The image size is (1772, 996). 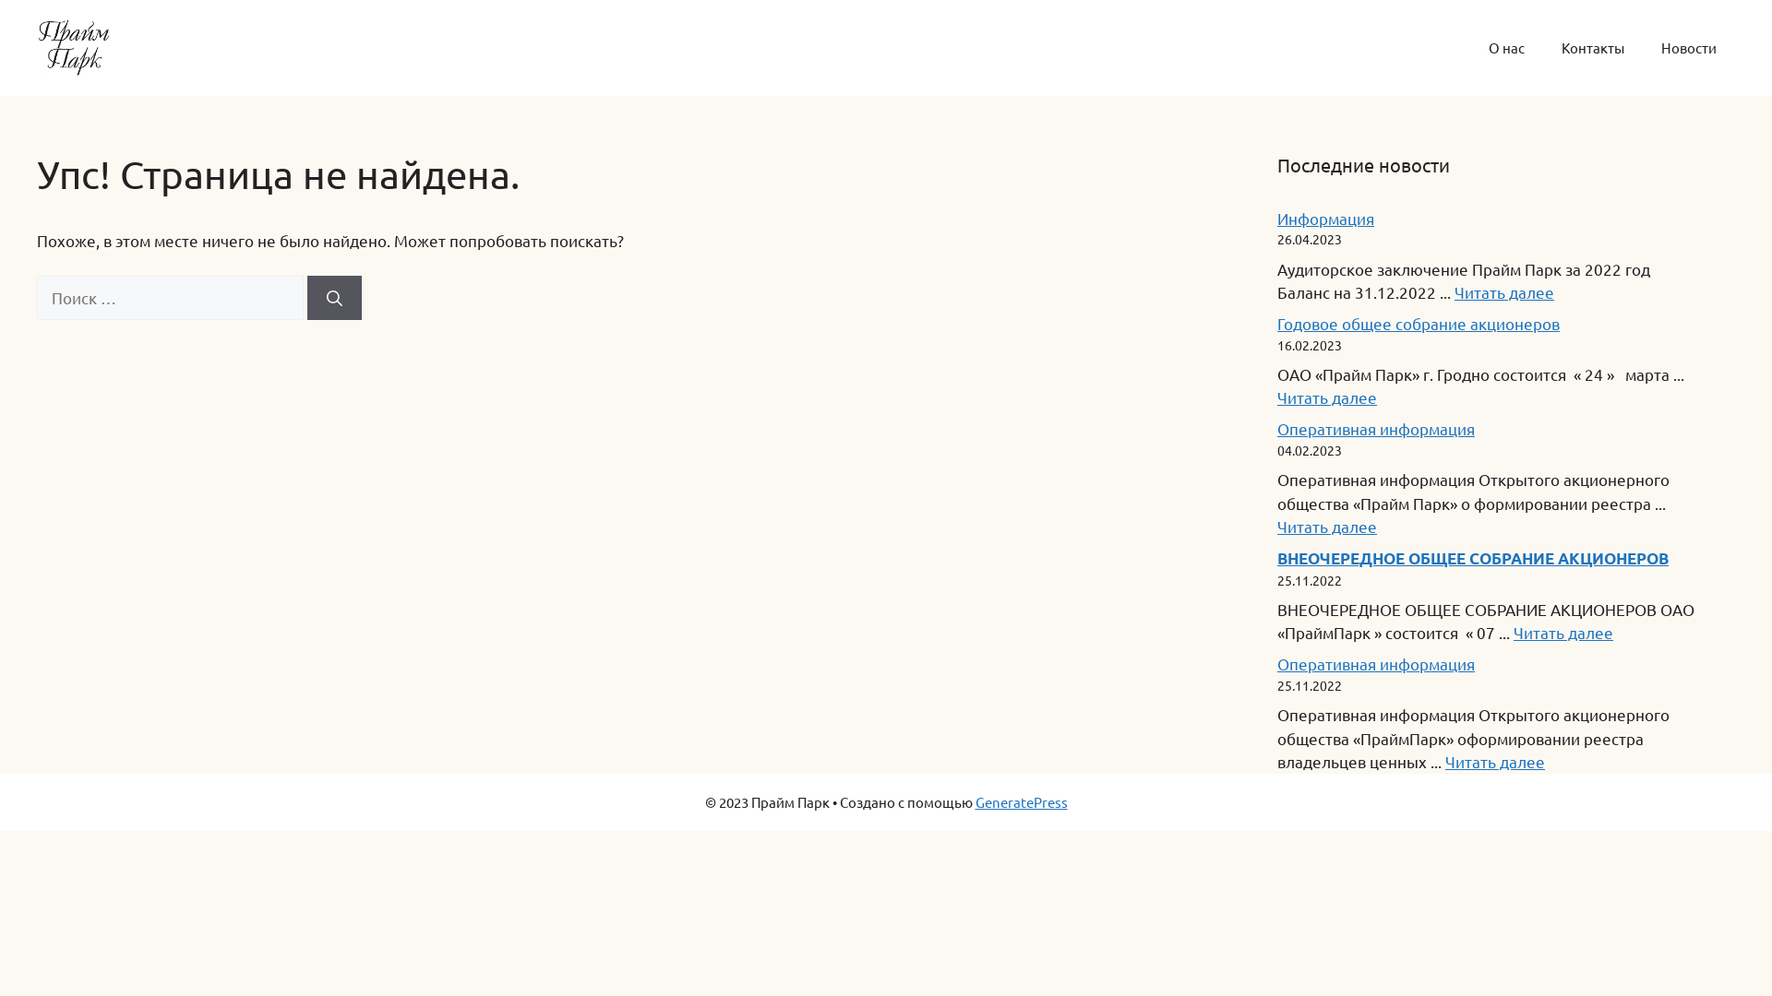 What do you see at coordinates (1019, 800) in the screenshot?
I see `'GeneratePress'` at bounding box center [1019, 800].